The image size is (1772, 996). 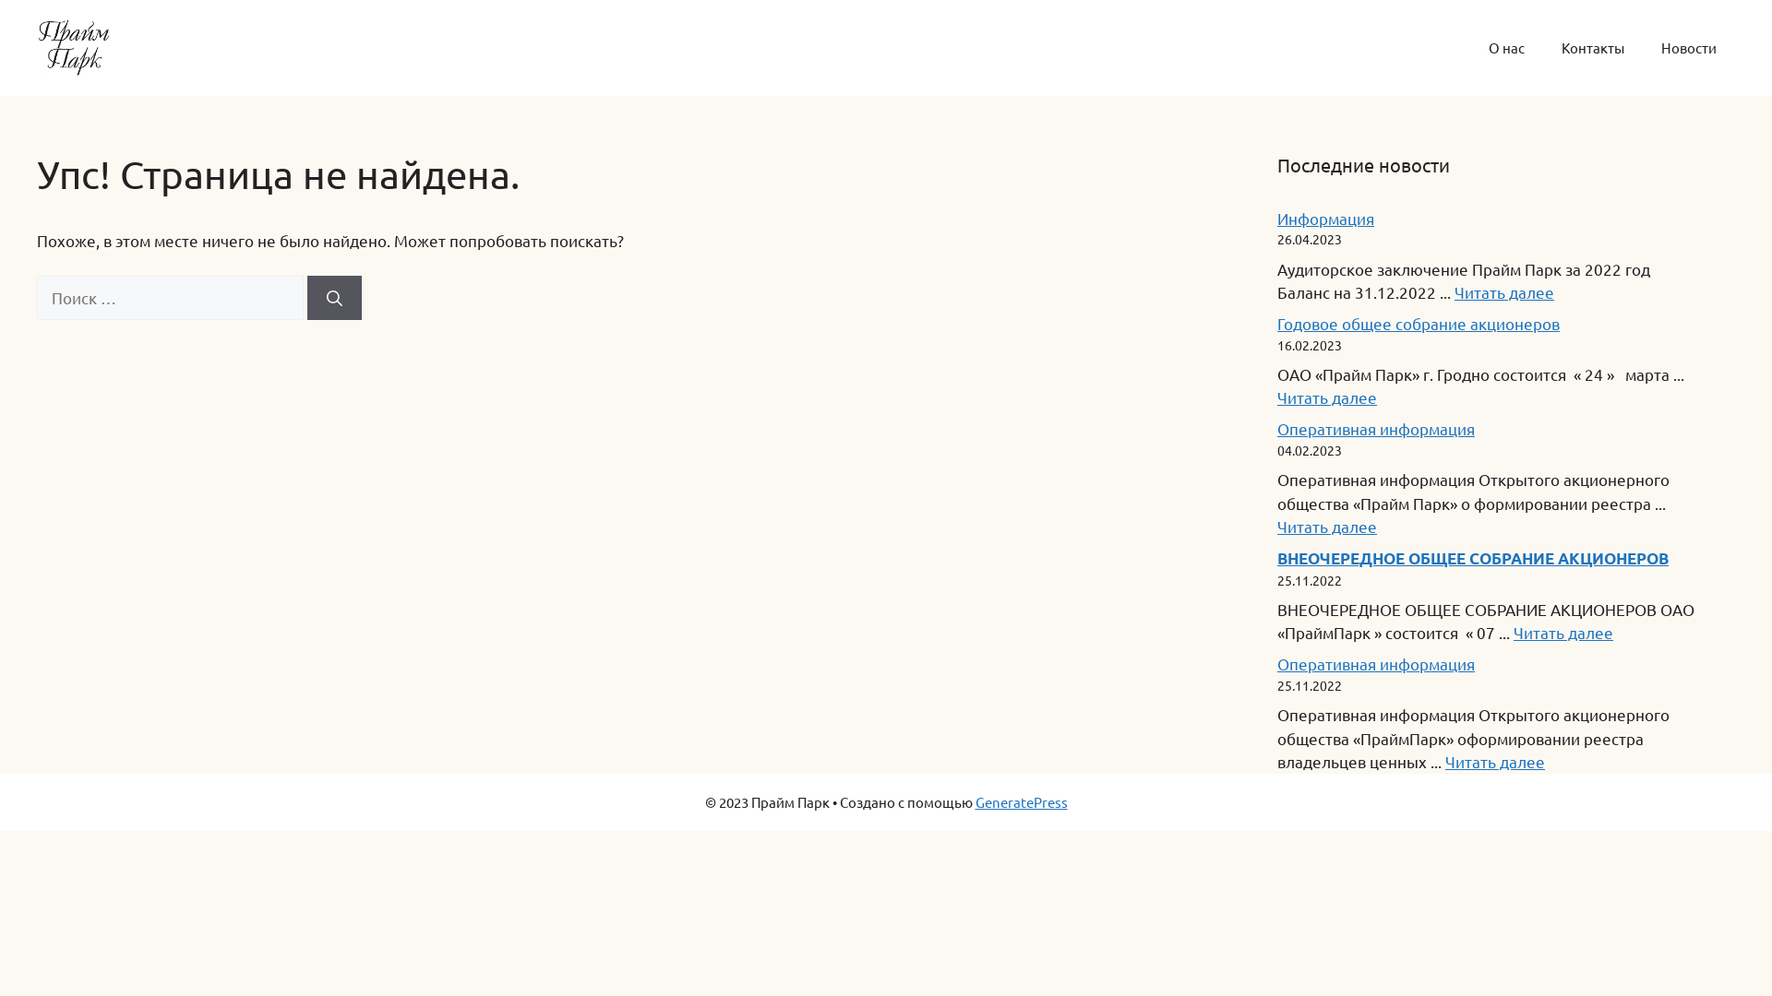 What do you see at coordinates (1019, 800) in the screenshot?
I see `'GeneratePress'` at bounding box center [1019, 800].